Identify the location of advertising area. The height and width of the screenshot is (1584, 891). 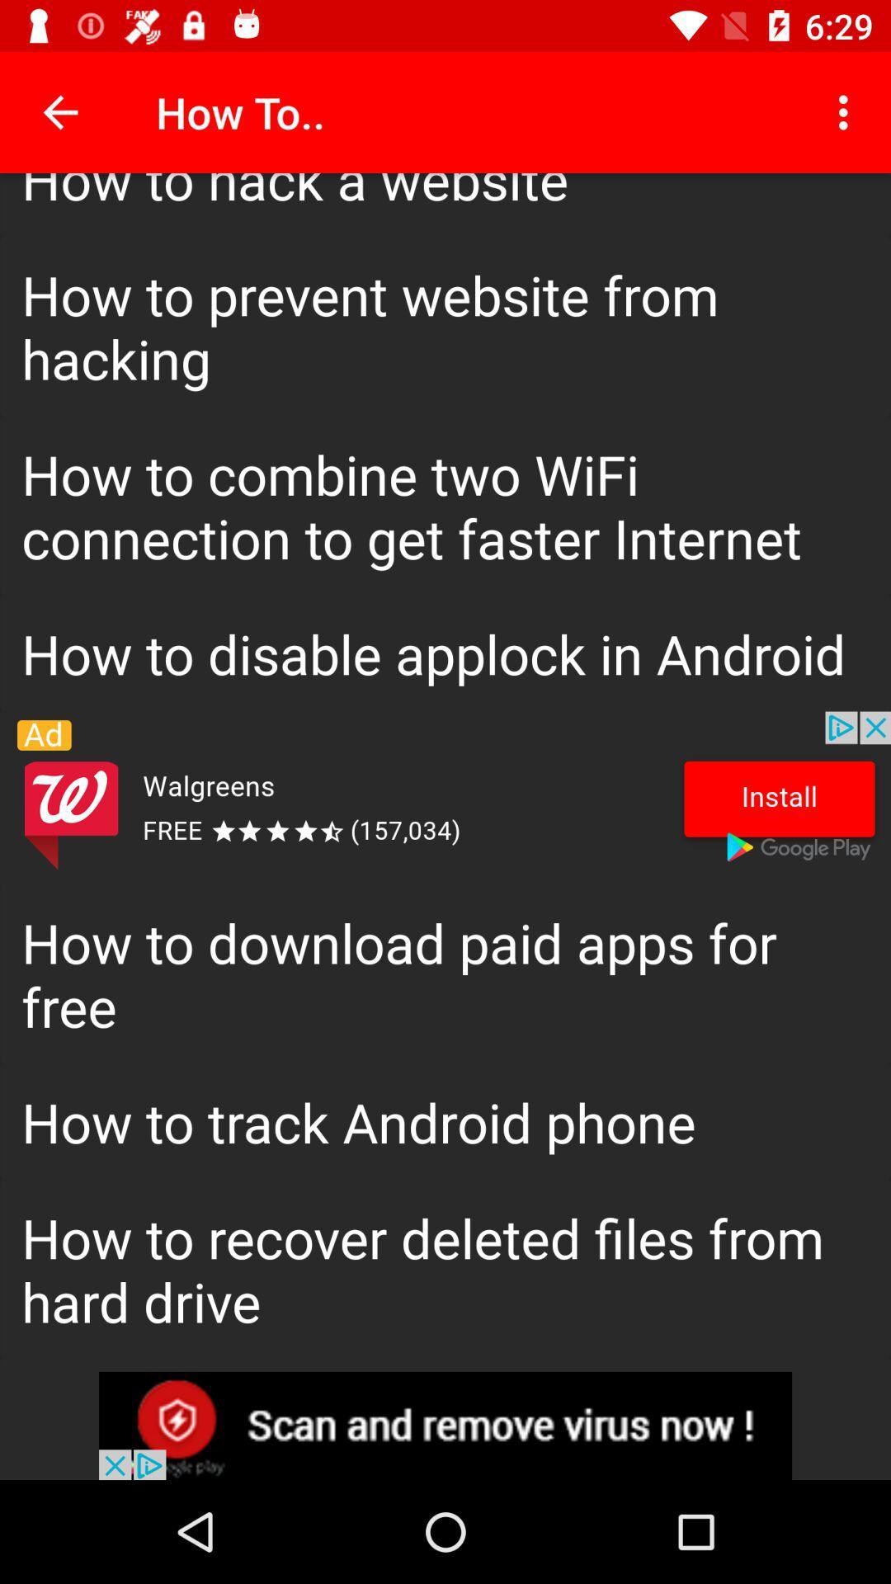
(445, 1425).